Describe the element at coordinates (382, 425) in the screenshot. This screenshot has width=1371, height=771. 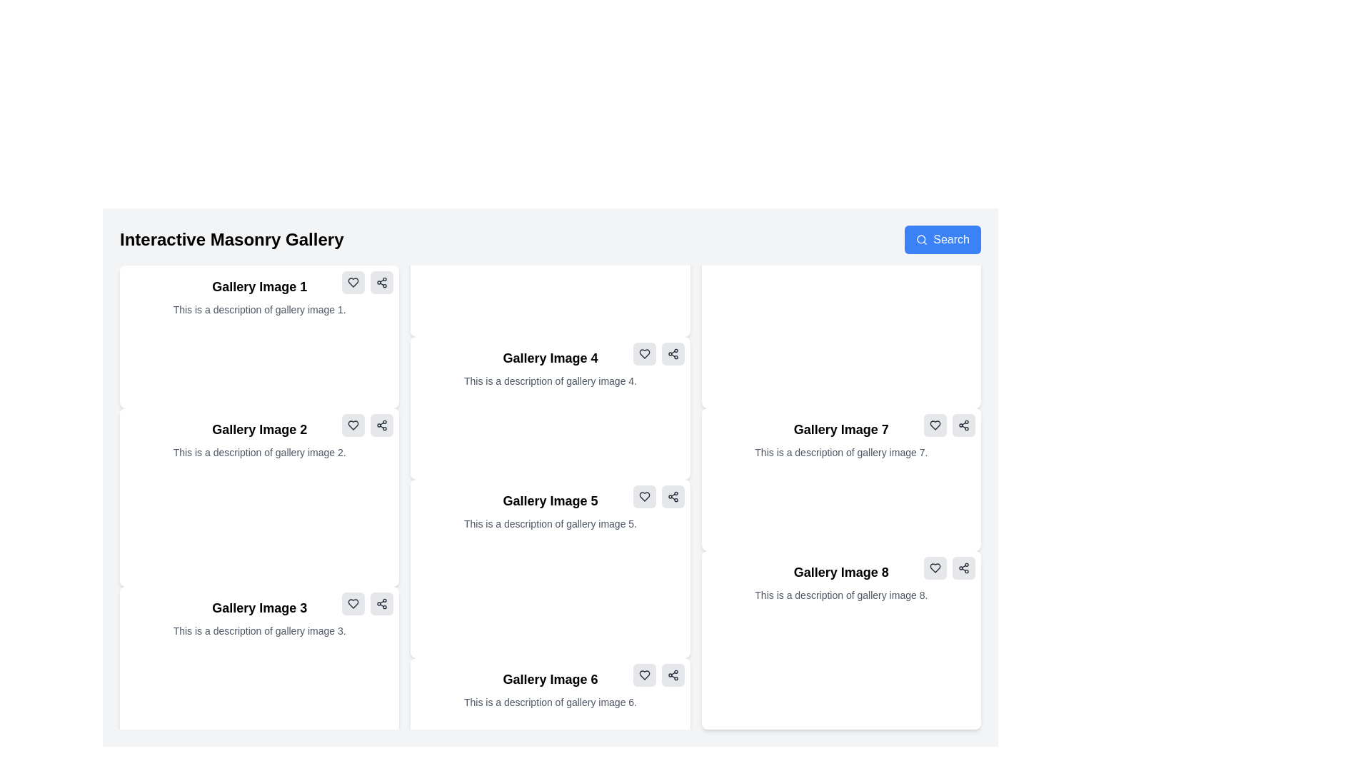
I see `the share icon button, which is represented by three connected dots forming a triangular shape, located in the upper-right corner of the second gallery card titled 'Gallery Image 2'` at that location.